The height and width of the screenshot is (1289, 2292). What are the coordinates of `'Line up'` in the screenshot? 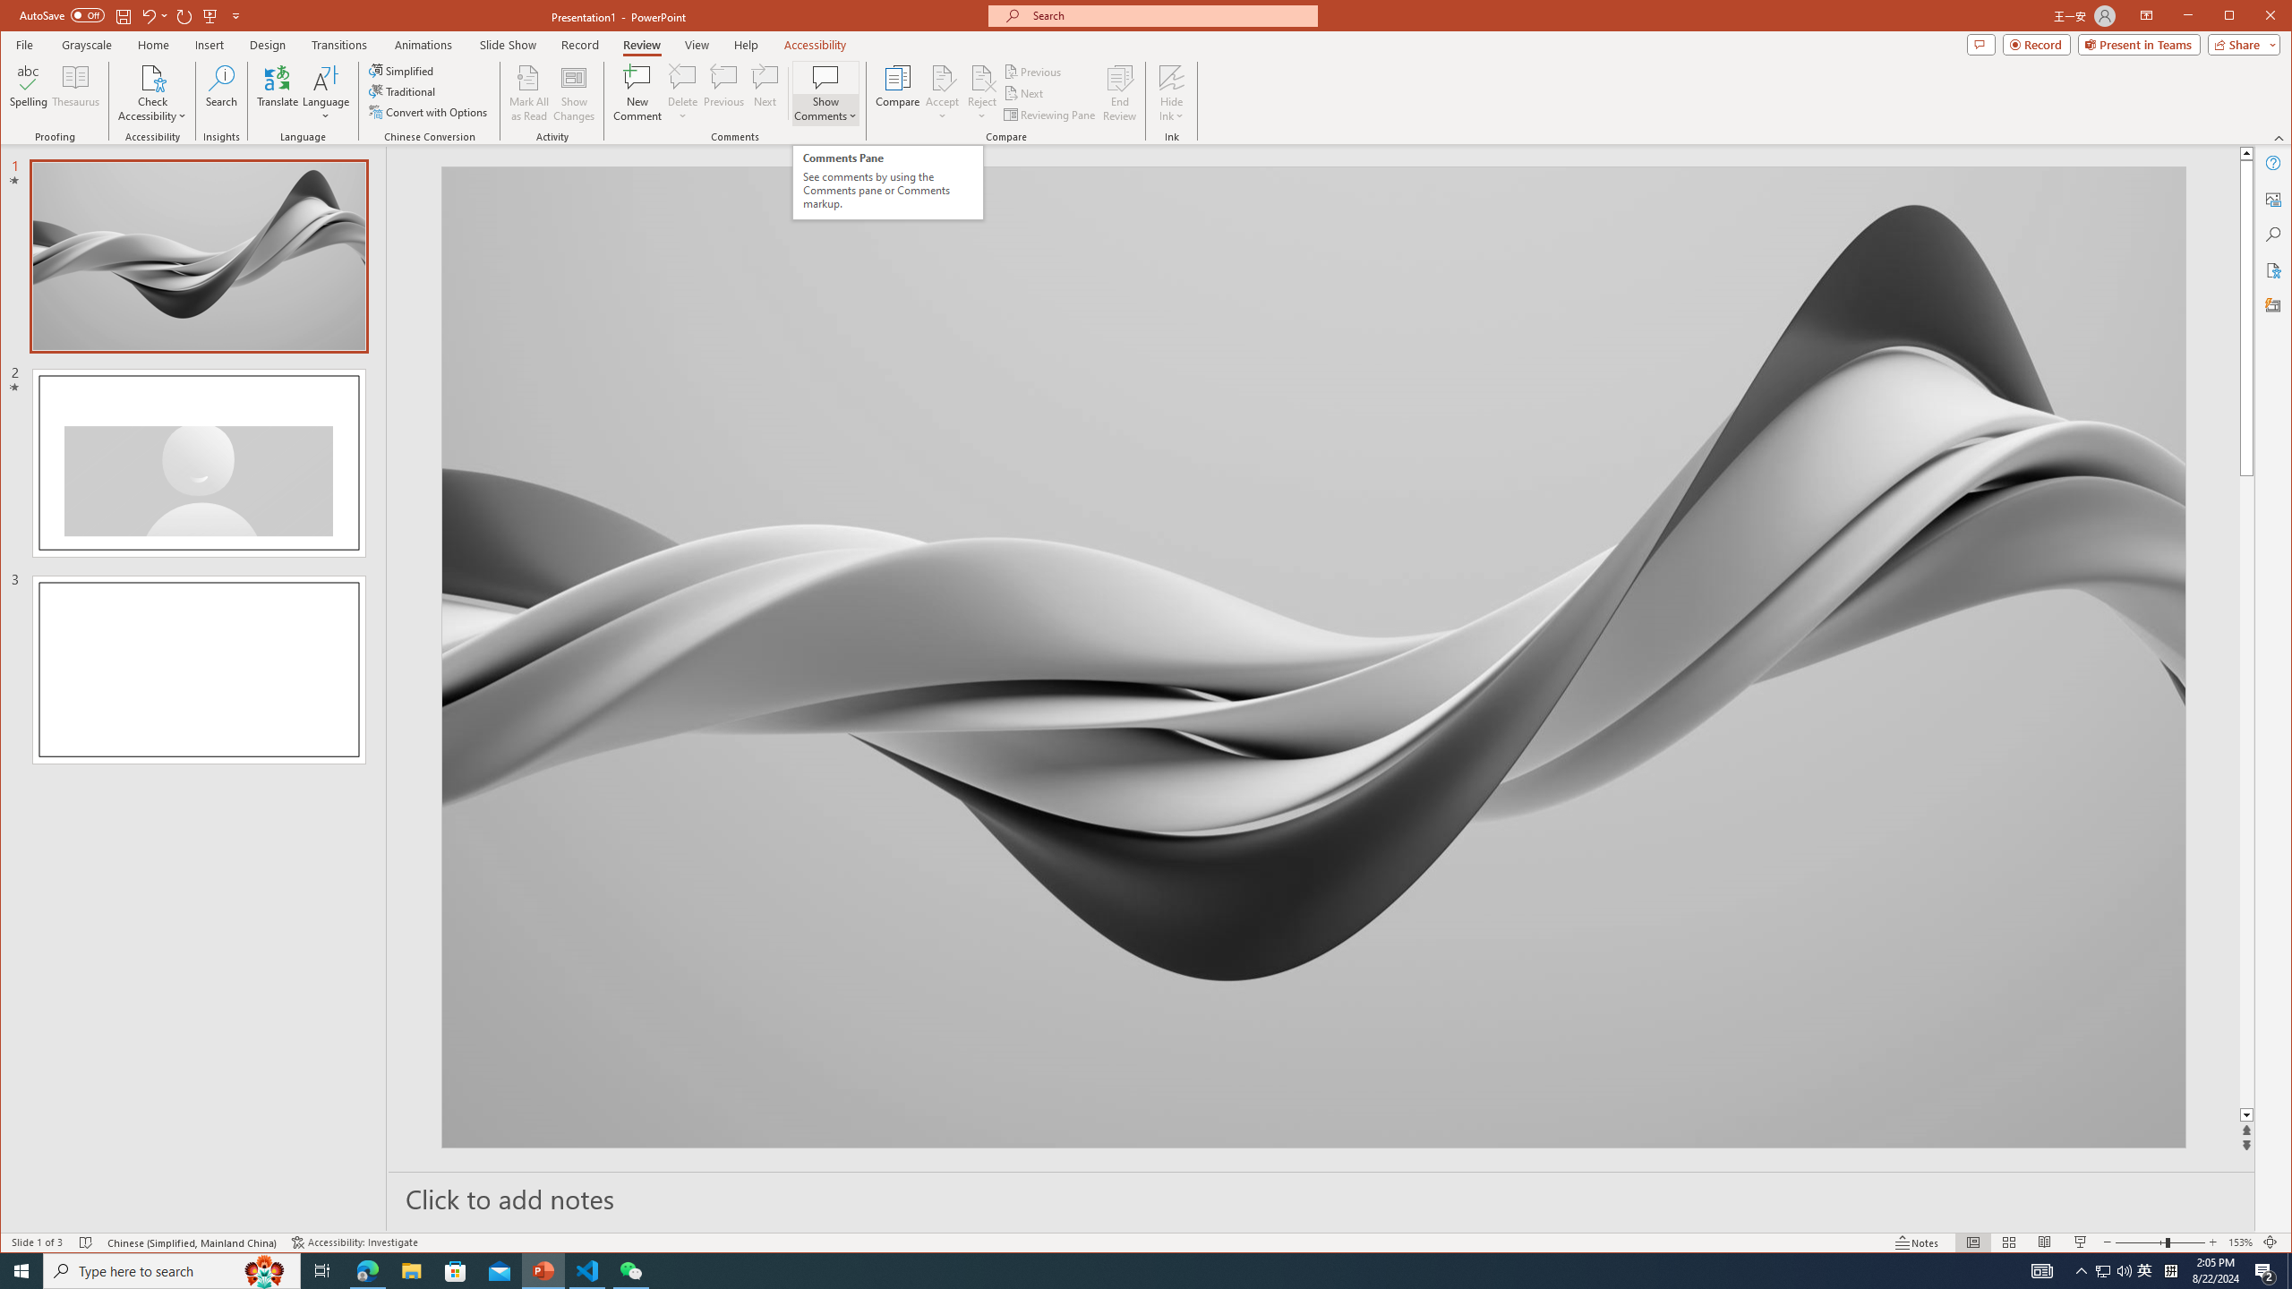 It's located at (2247, 150).